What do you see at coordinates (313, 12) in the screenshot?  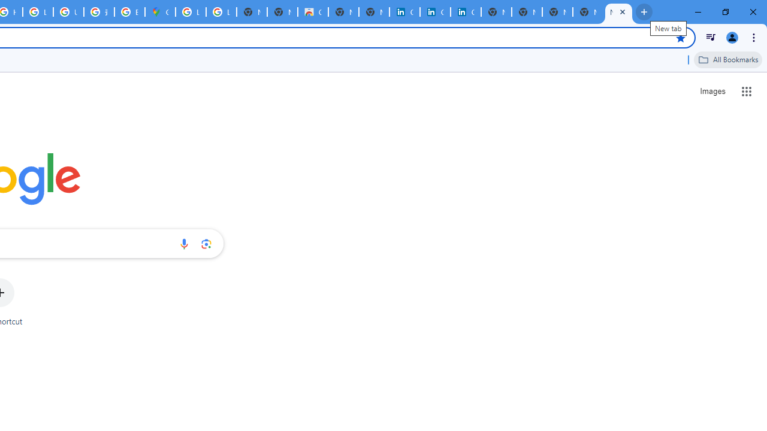 I see `'Chrome Web Store'` at bounding box center [313, 12].